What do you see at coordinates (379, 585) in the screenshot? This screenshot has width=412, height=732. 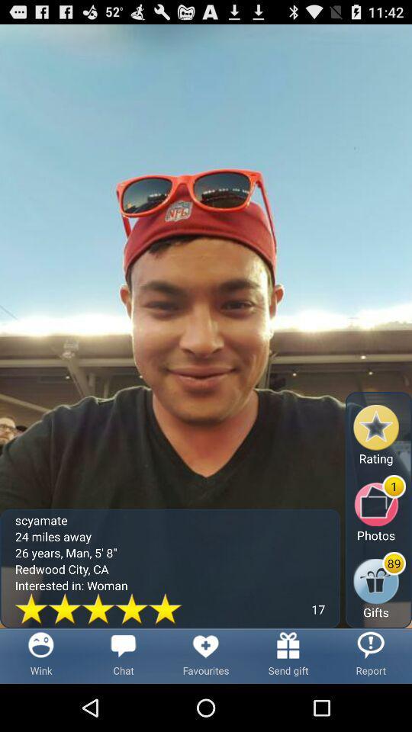 I see `icon to the right of 24 miles away item` at bounding box center [379, 585].